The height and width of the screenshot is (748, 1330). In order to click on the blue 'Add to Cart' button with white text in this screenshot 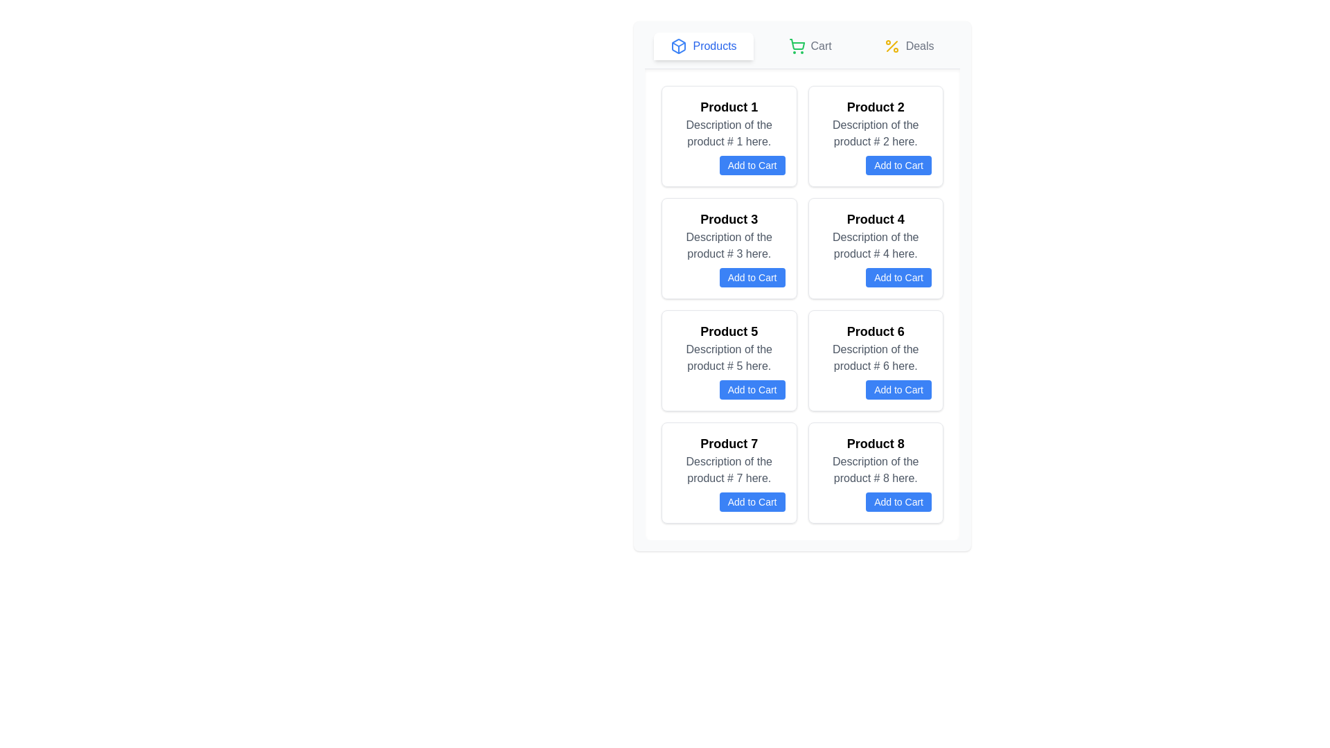, I will do `click(875, 502)`.